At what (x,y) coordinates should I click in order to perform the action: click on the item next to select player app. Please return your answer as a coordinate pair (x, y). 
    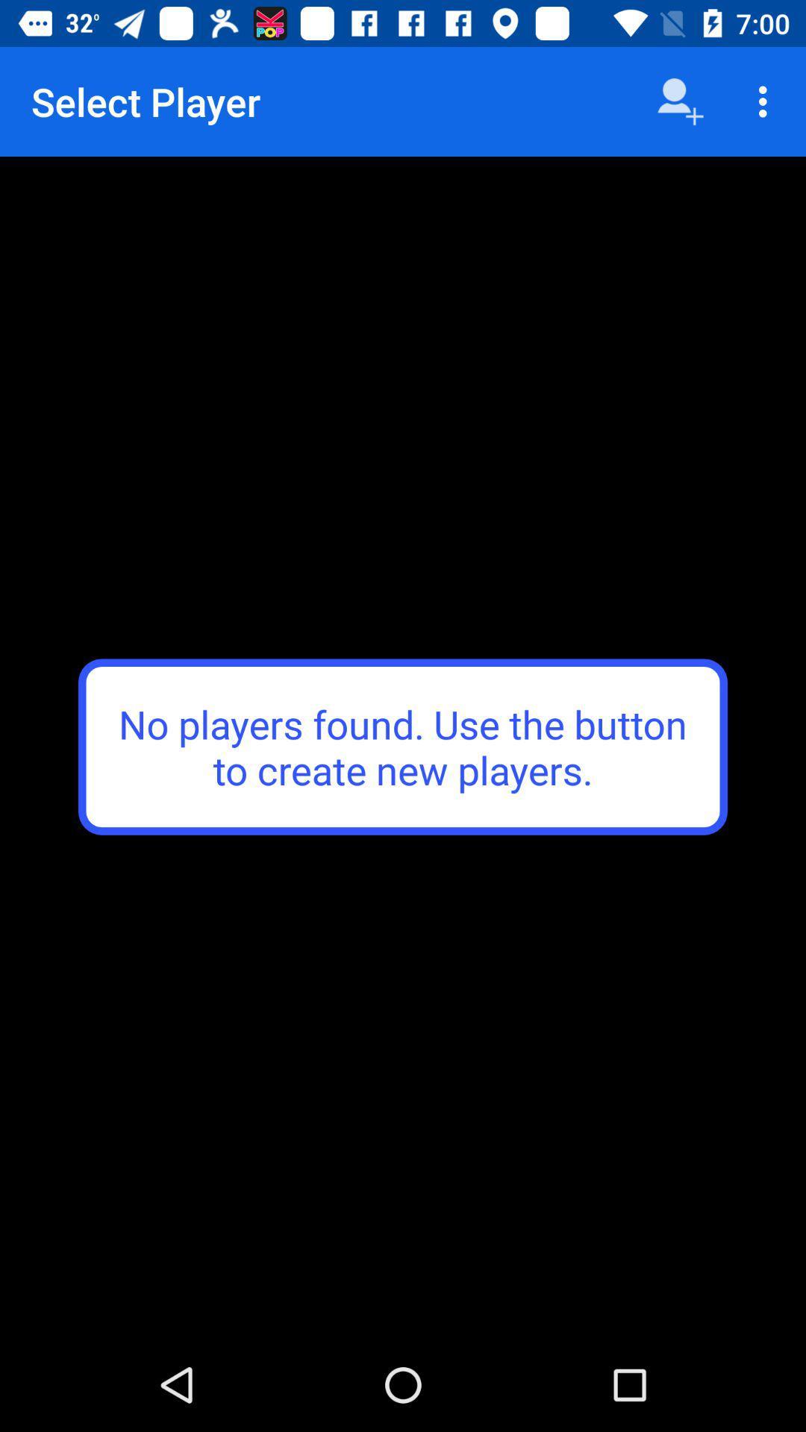
    Looking at the image, I should click on (680, 101).